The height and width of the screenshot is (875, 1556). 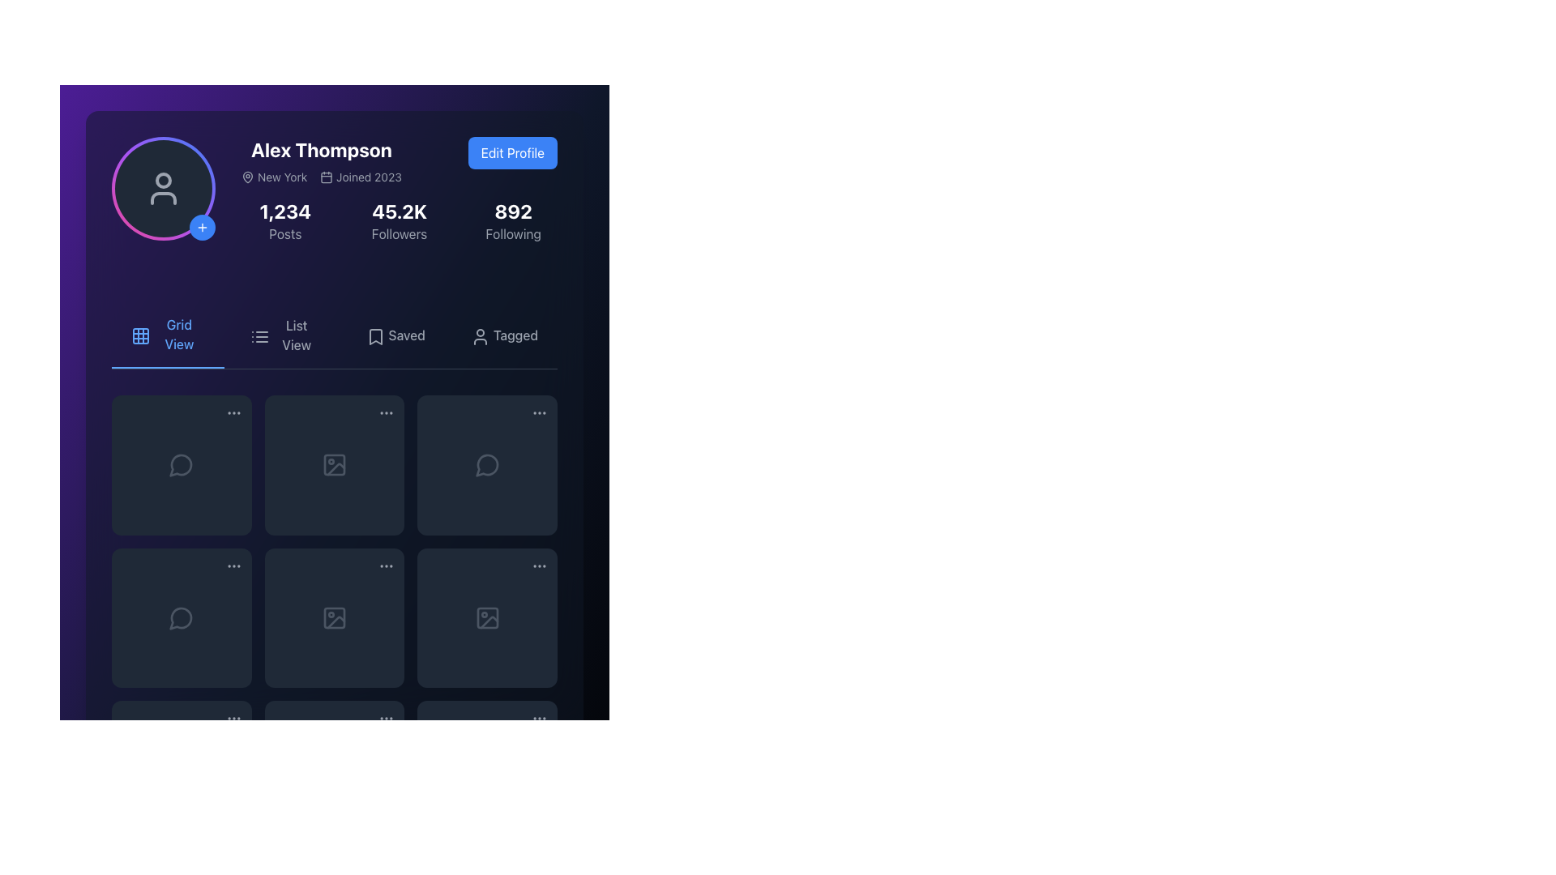 I want to click on the message/comment icon located in the top-left cell of the grid, so click(x=182, y=465).